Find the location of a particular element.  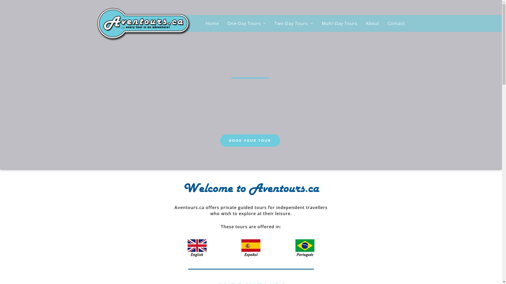

'Two-Day Tours' is located at coordinates (270, 23).